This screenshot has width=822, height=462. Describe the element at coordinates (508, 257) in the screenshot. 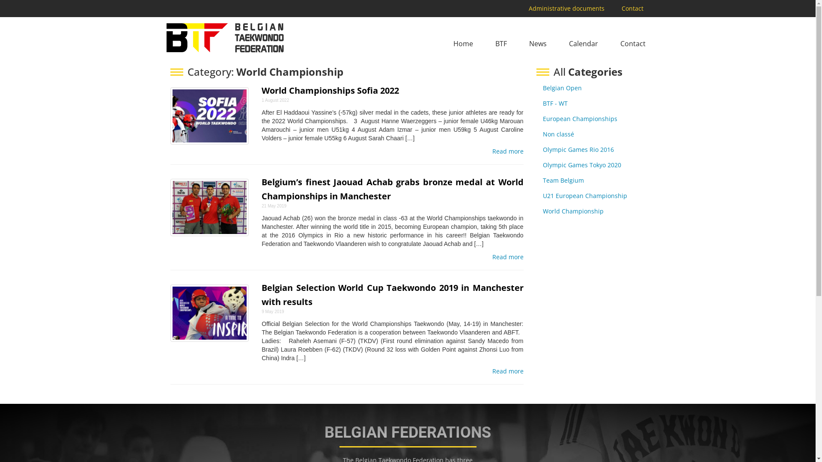

I see `'Read more'` at that location.